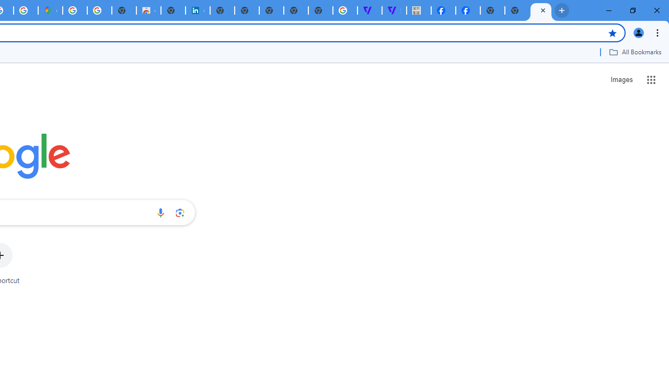 Image resolution: width=669 pixels, height=376 pixels. What do you see at coordinates (50, 10) in the screenshot?
I see `'Google Maps'` at bounding box center [50, 10].